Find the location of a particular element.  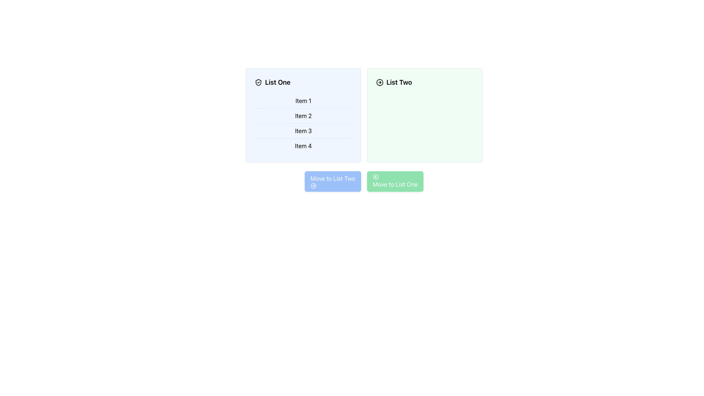

the List Item labeled 'Item 4' with a light blue background is located at coordinates (303, 146).